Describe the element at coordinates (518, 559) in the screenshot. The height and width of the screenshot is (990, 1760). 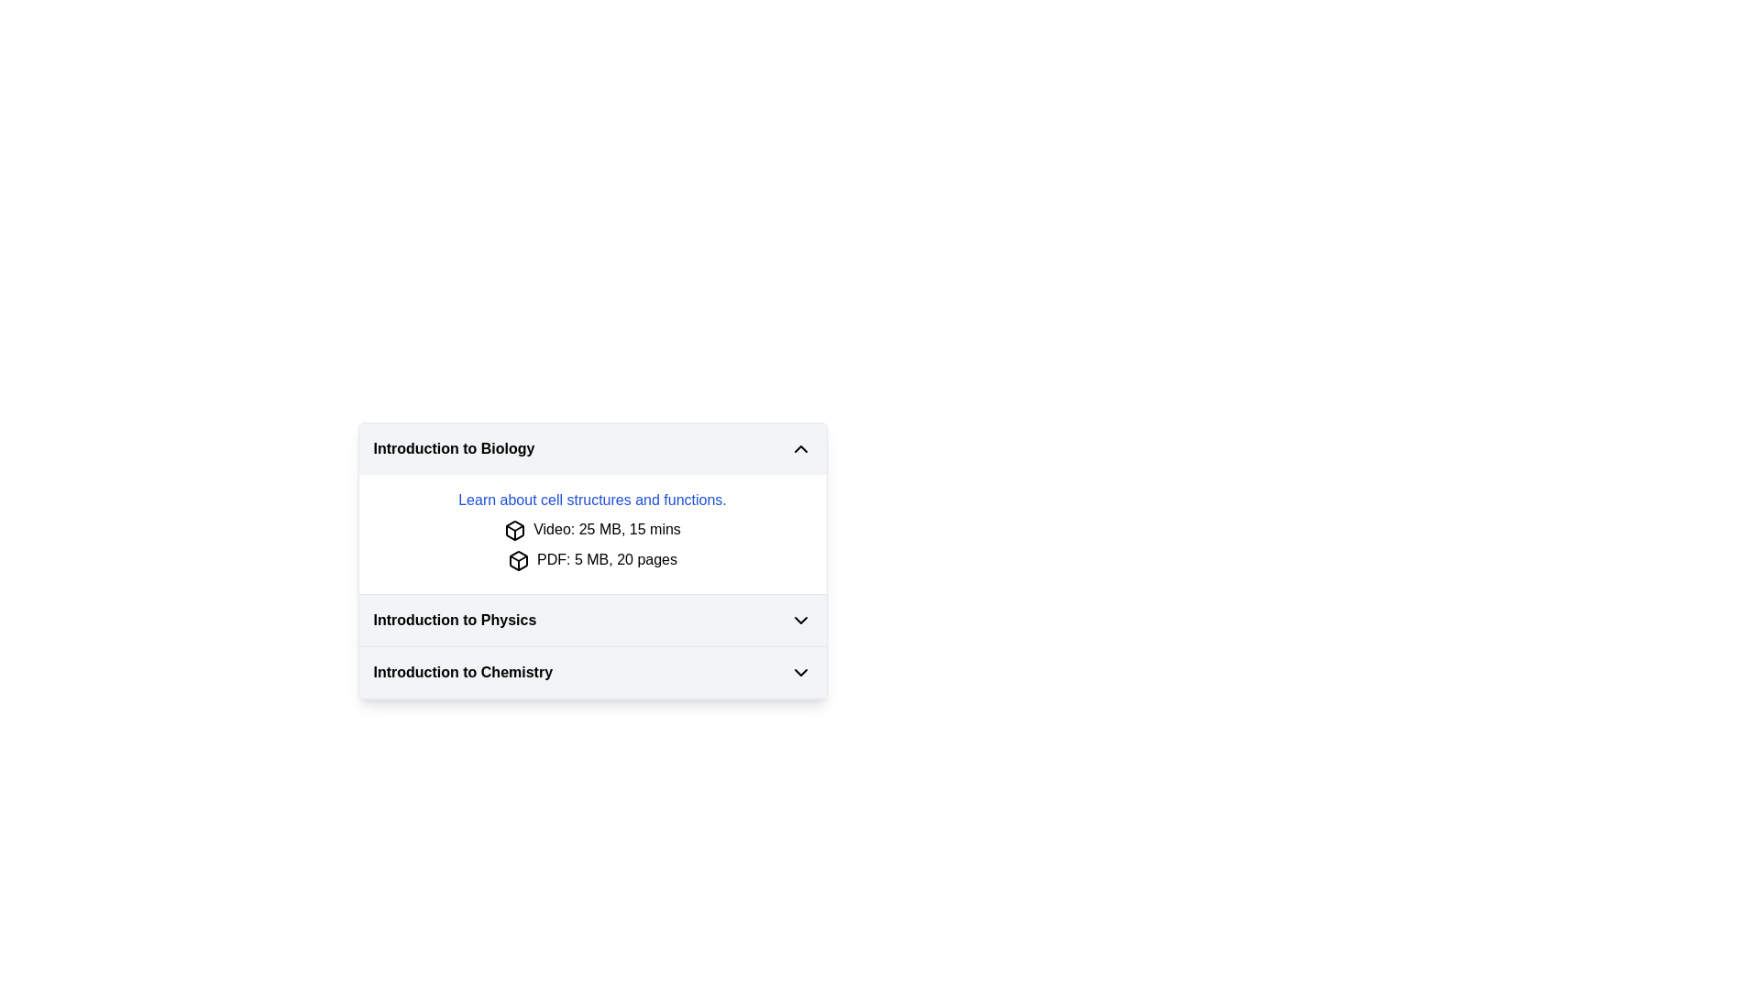
I see `the cube-shaped icon representing a PDF document, located to the left of the text 'PDF: 5 MB, 20 pages' under the 'Introduction to Biology' section` at that location.